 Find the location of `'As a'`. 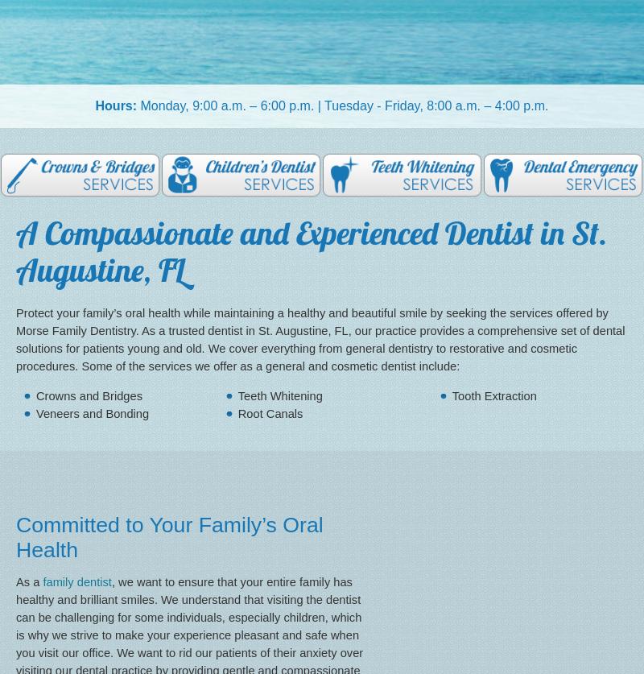

'As a' is located at coordinates (28, 580).